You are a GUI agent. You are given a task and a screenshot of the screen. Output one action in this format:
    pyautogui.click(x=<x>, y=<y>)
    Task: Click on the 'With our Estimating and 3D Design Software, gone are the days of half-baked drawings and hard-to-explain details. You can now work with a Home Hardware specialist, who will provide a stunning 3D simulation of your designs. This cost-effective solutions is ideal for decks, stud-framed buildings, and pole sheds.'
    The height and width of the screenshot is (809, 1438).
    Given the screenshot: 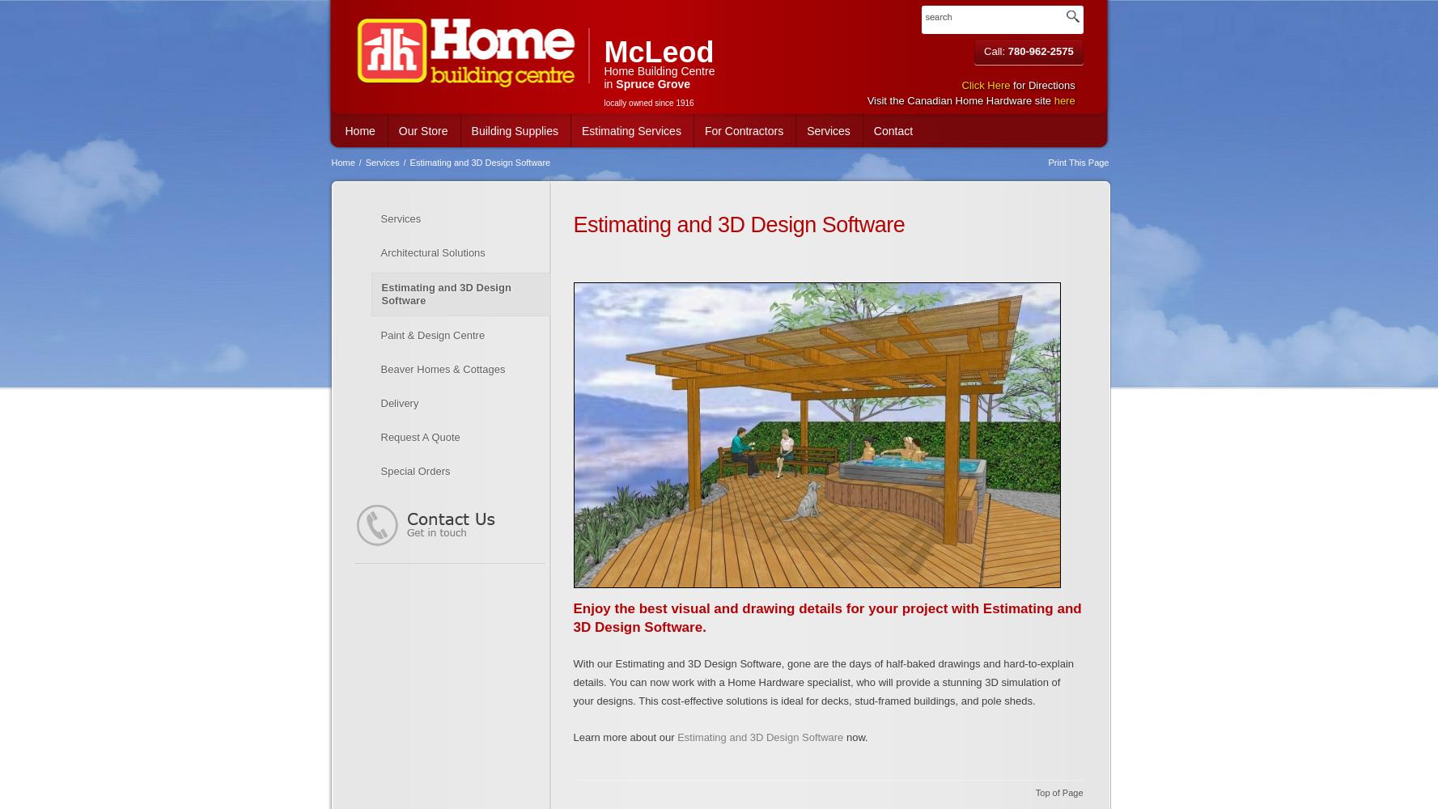 What is the action you would take?
    pyautogui.click(x=822, y=681)
    